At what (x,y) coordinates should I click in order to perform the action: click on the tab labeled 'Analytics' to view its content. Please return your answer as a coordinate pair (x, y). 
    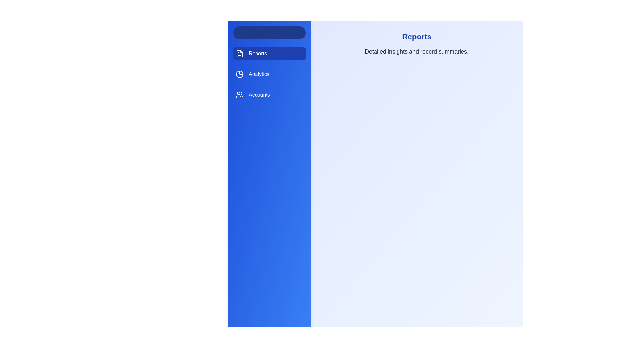
    Looking at the image, I should click on (269, 74).